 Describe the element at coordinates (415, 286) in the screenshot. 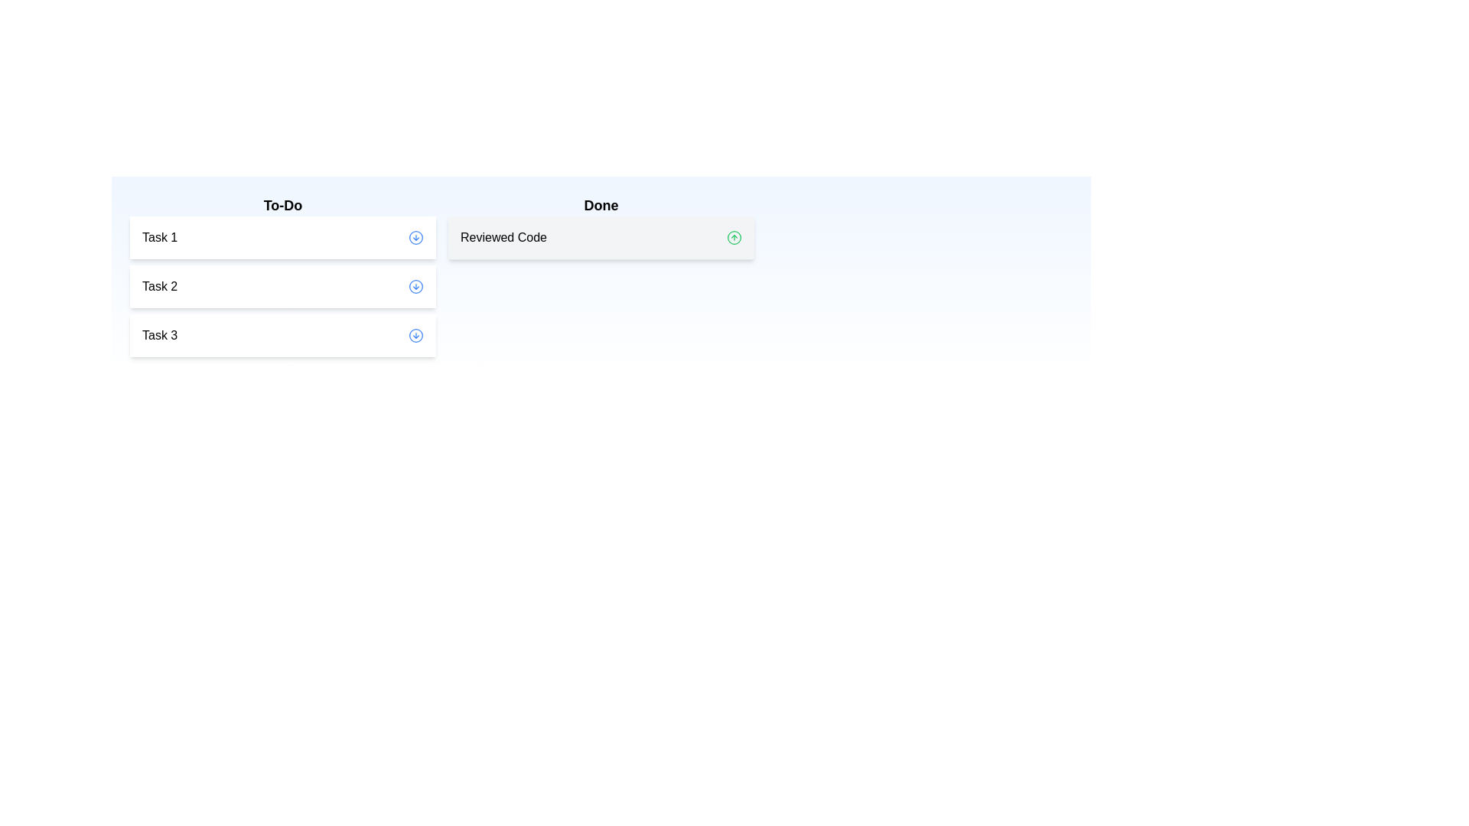

I see `down arrow button next to Task 2 in the 'To-Do' list to move it to the 'Done' list` at that location.